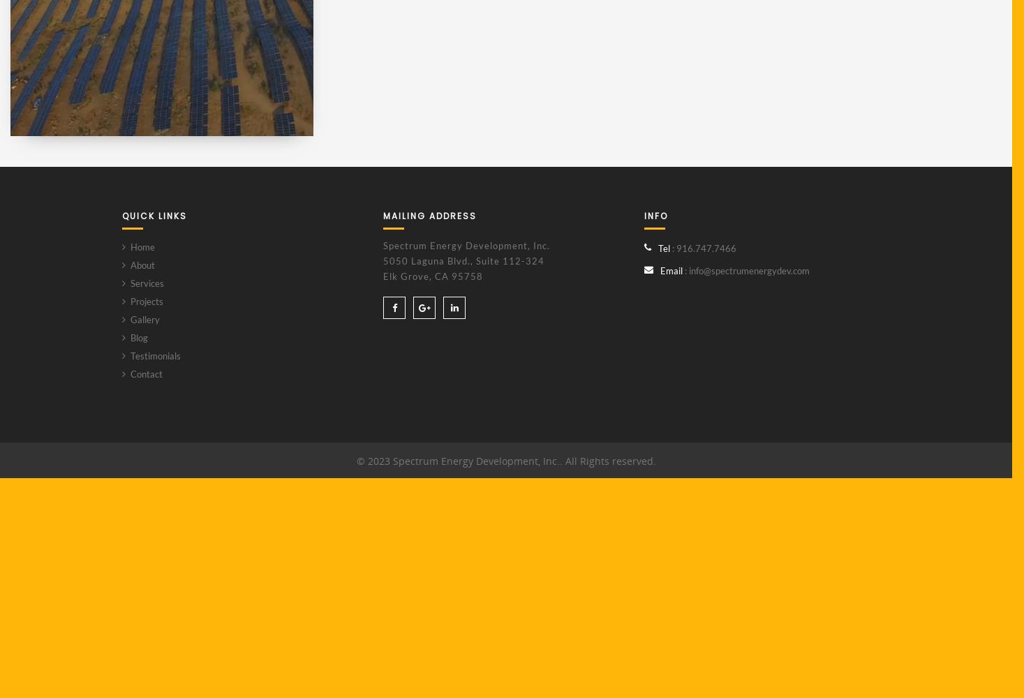 The image size is (1024, 698). I want to click on '5050 Laguna Blvd., Suite 112-324', so click(463, 260).